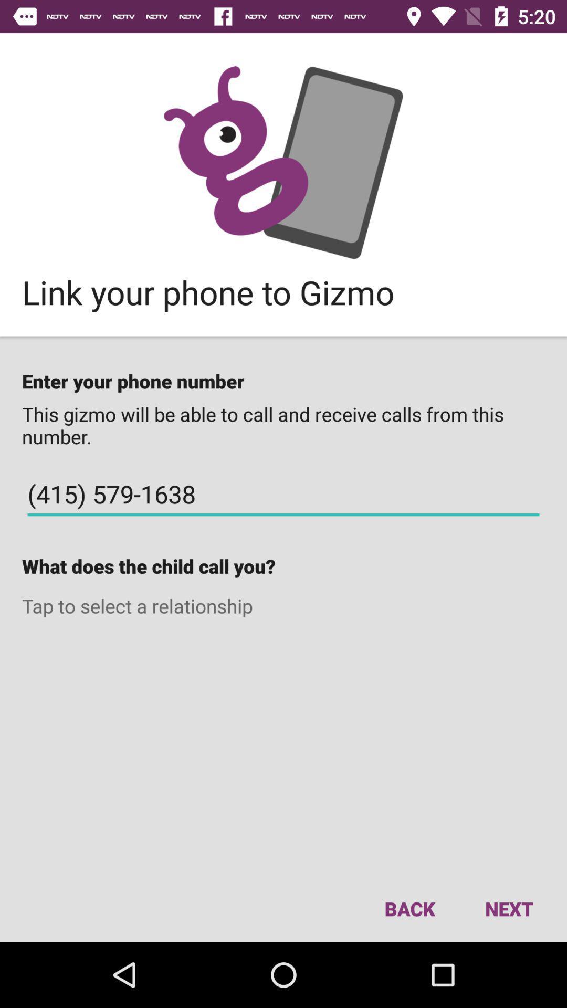  What do you see at coordinates (409, 908) in the screenshot?
I see `the item to the left of next` at bounding box center [409, 908].